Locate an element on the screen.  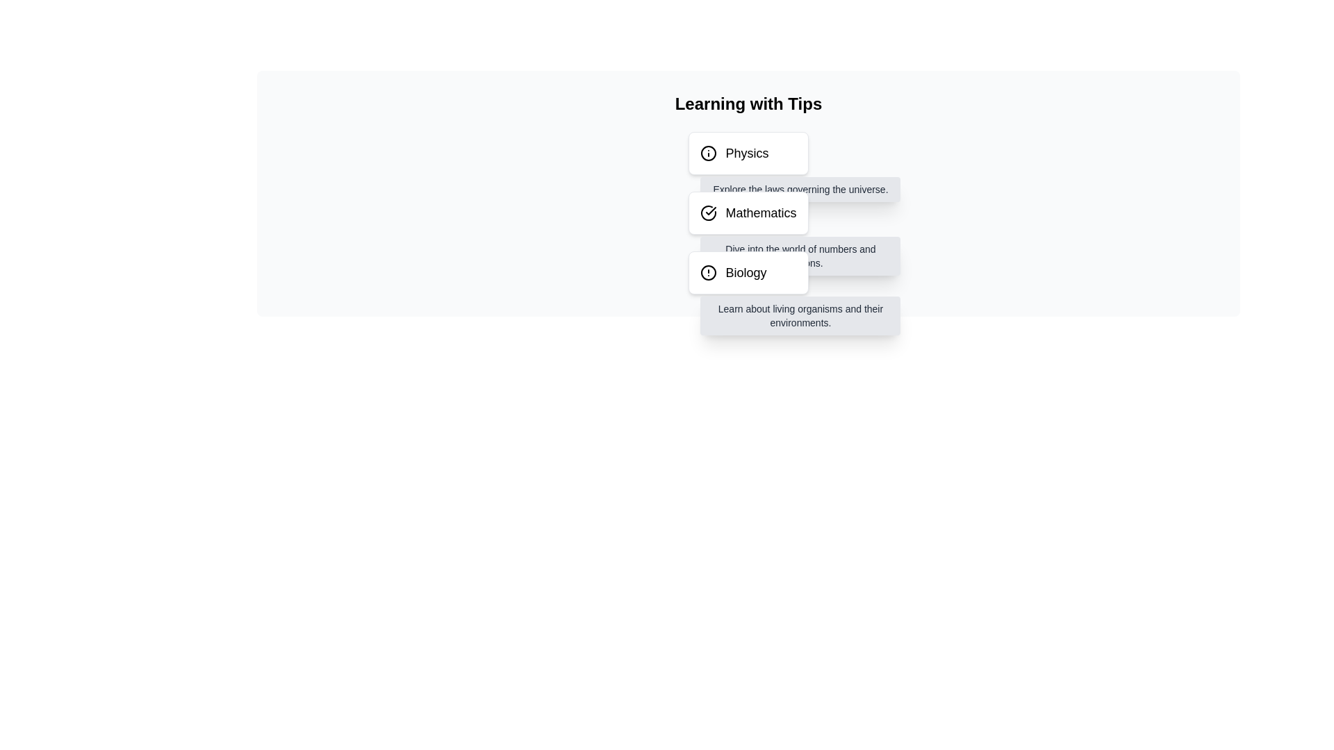
description text label providing information about the Physics section, located below the 'Physics' header in the interactive list is located at coordinates (800, 190).